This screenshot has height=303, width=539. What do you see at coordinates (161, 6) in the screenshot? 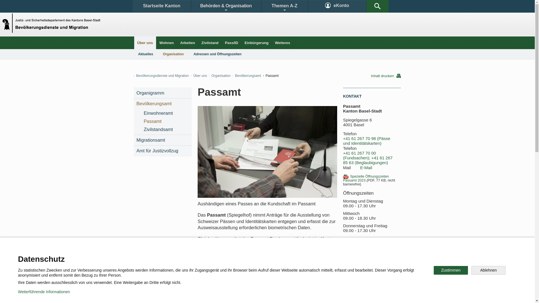
I see `'Startseite Kanton'` at bounding box center [161, 6].